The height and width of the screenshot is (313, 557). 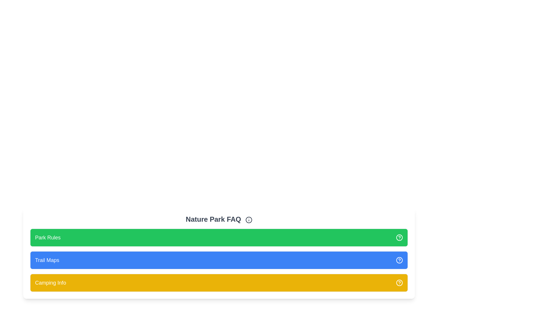 What do you see at coordinates (399, 238) in the screenshot?
I see `the first circular icon located at the far-right end of the green bar labeled 'Park Rules'` at bounding box center [399, 238].